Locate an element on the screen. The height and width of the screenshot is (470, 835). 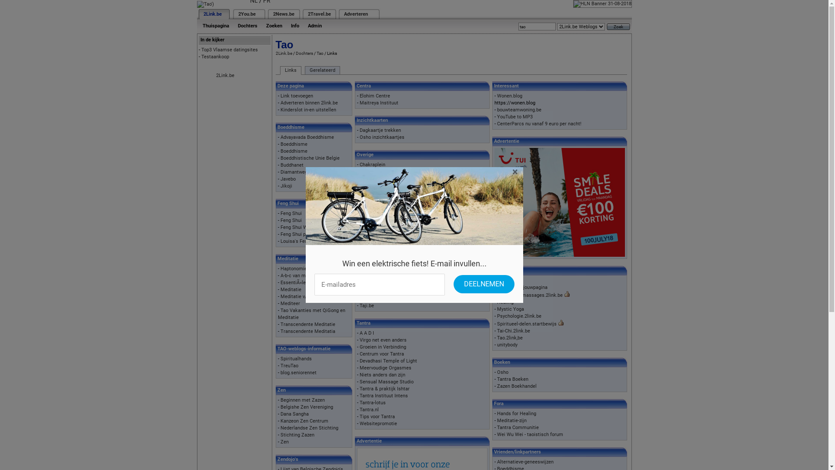
'Feng Shui Wonen' is located at coordinates (298, 227).